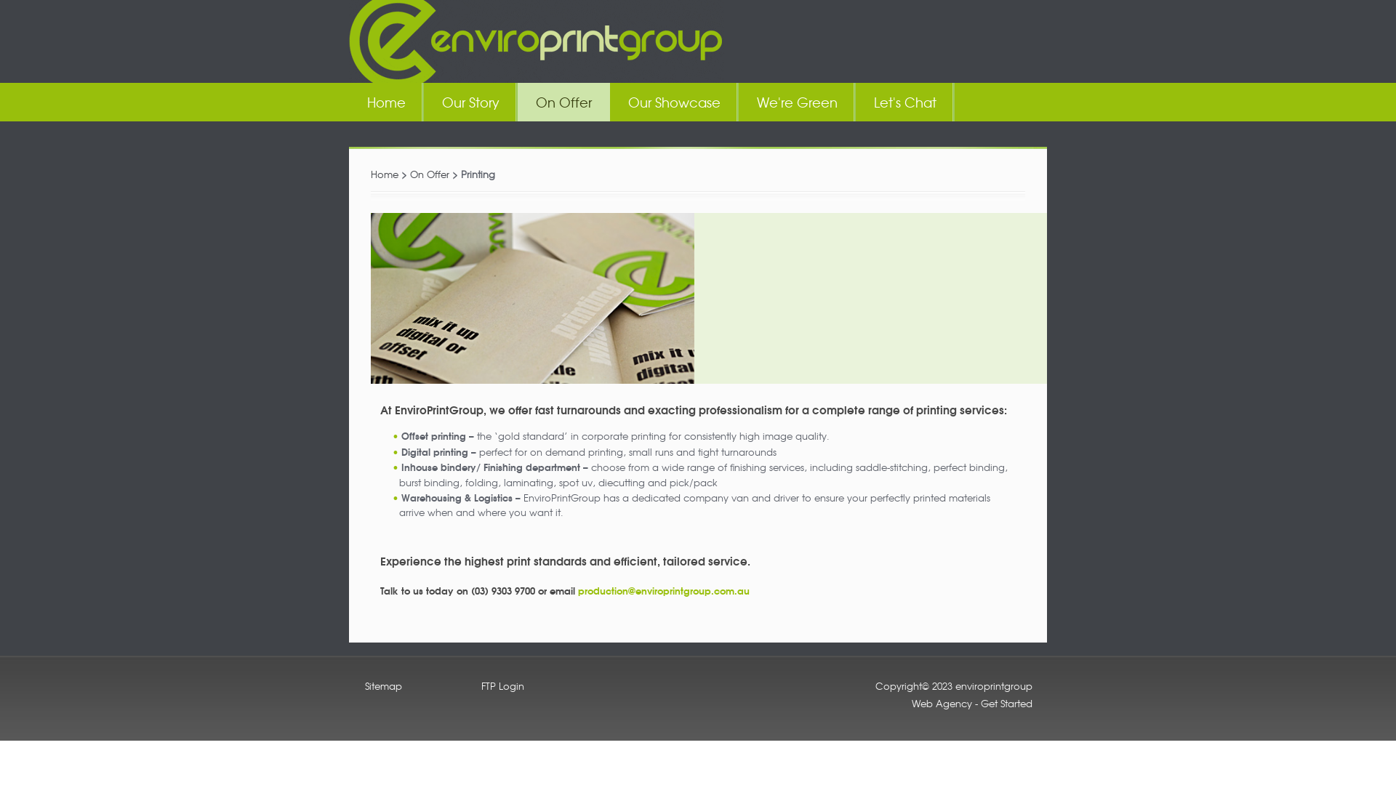 This screenshot has height=785, width=1396. I want to click on 'Sitemap', so click(383, 685).